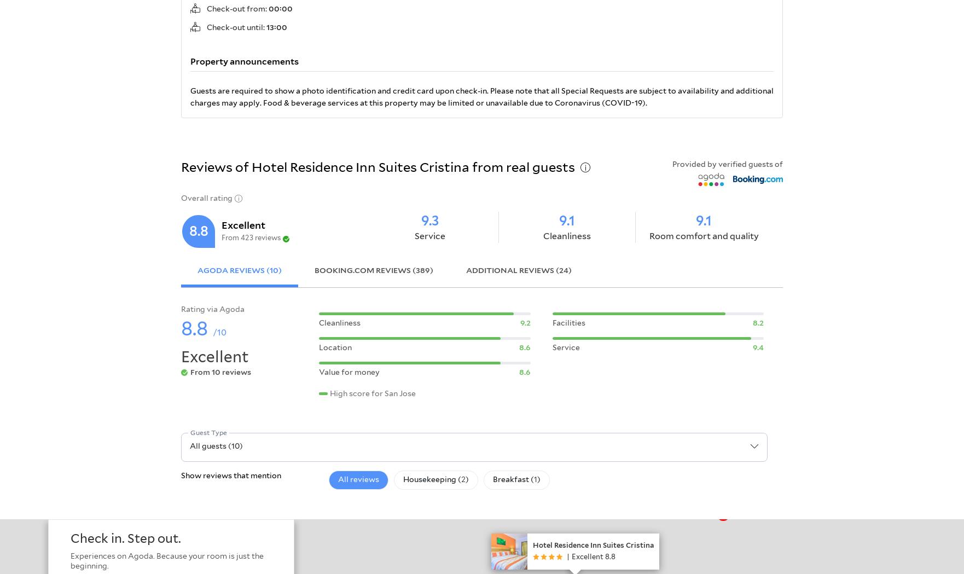 This screenshot has width=964, height=574. Describe the element at coordinates (520, 322) in the screenshot. I see `'9.2'` at that location.